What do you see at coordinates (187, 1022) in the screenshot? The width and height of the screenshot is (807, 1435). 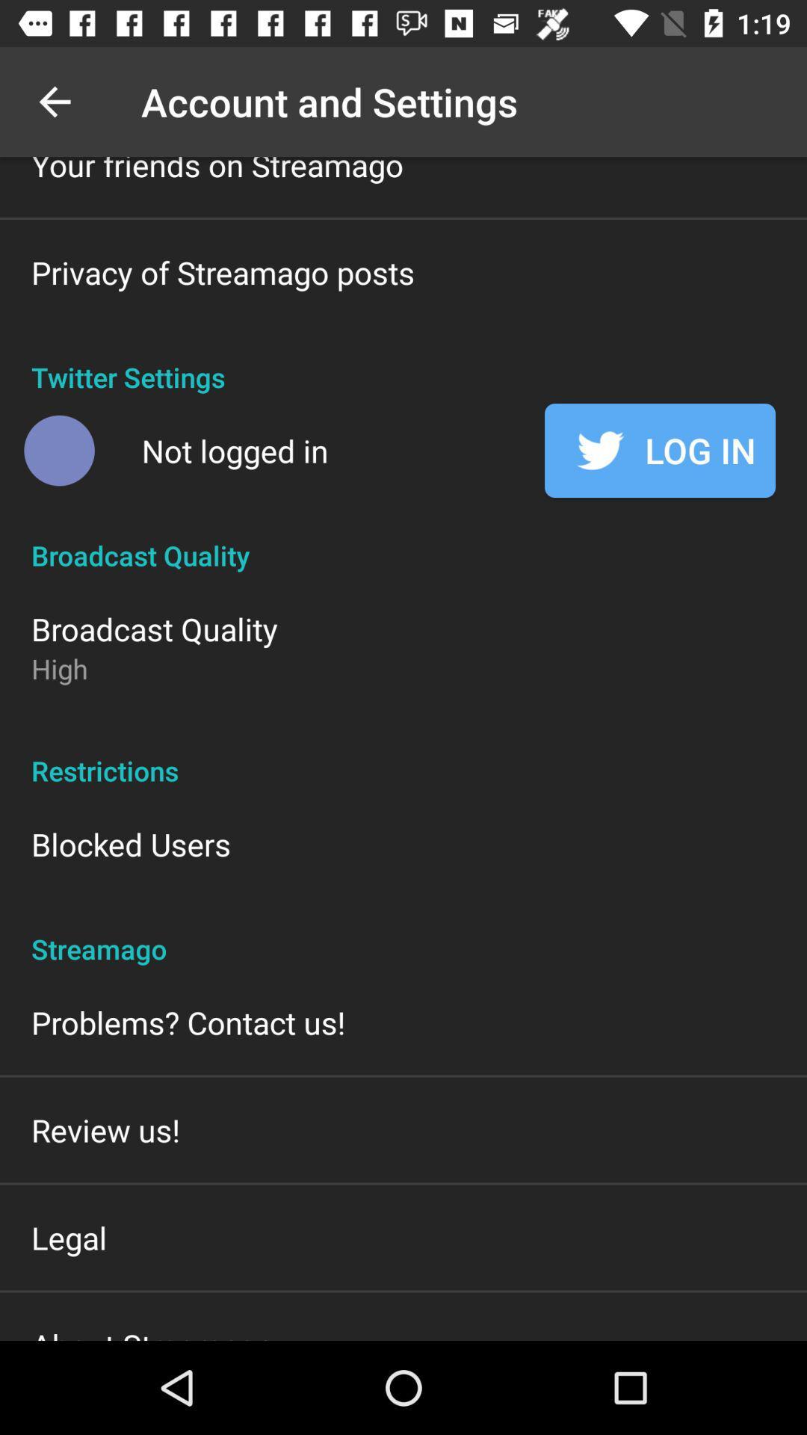 I see `the item above the review us!` at bounding box center [187, 1022].